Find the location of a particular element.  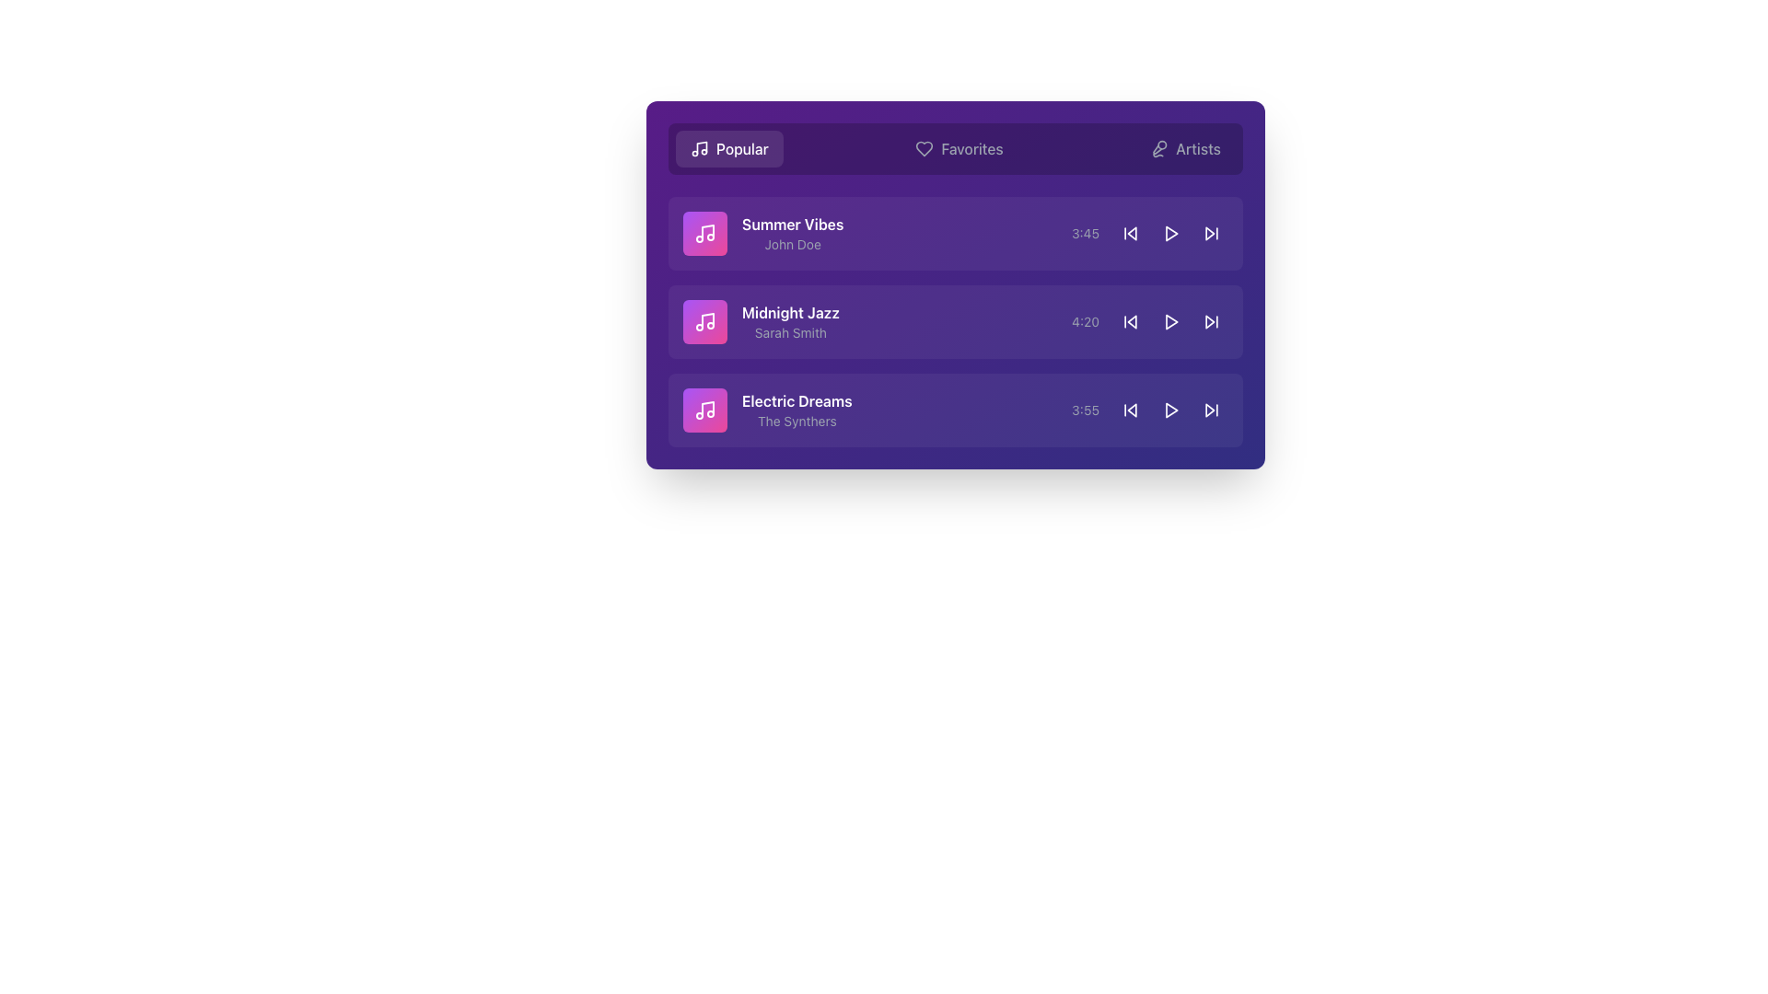

the Icon Button located beside the timestamp '3:45' in the first music list item titled 'Summer Vibes' is located at coordinates (1130, 233).